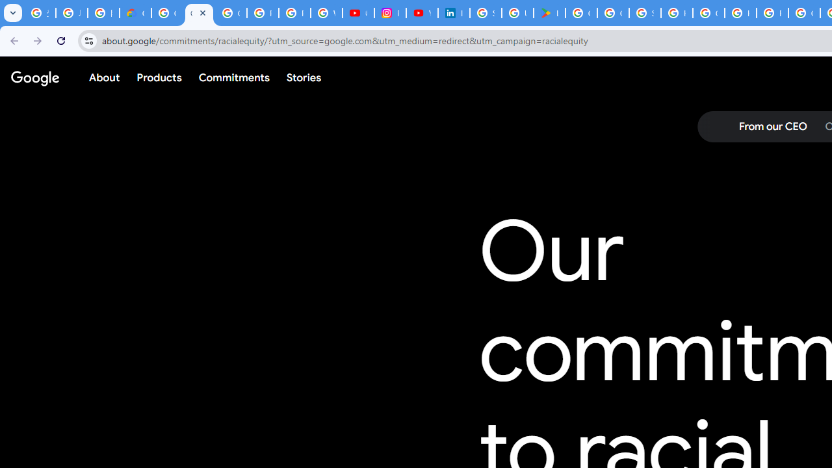 This screenshot has height=468, width=832. Describe the element at coordinates (35, 77) in the screenshot. I see `'Google'` at that location.